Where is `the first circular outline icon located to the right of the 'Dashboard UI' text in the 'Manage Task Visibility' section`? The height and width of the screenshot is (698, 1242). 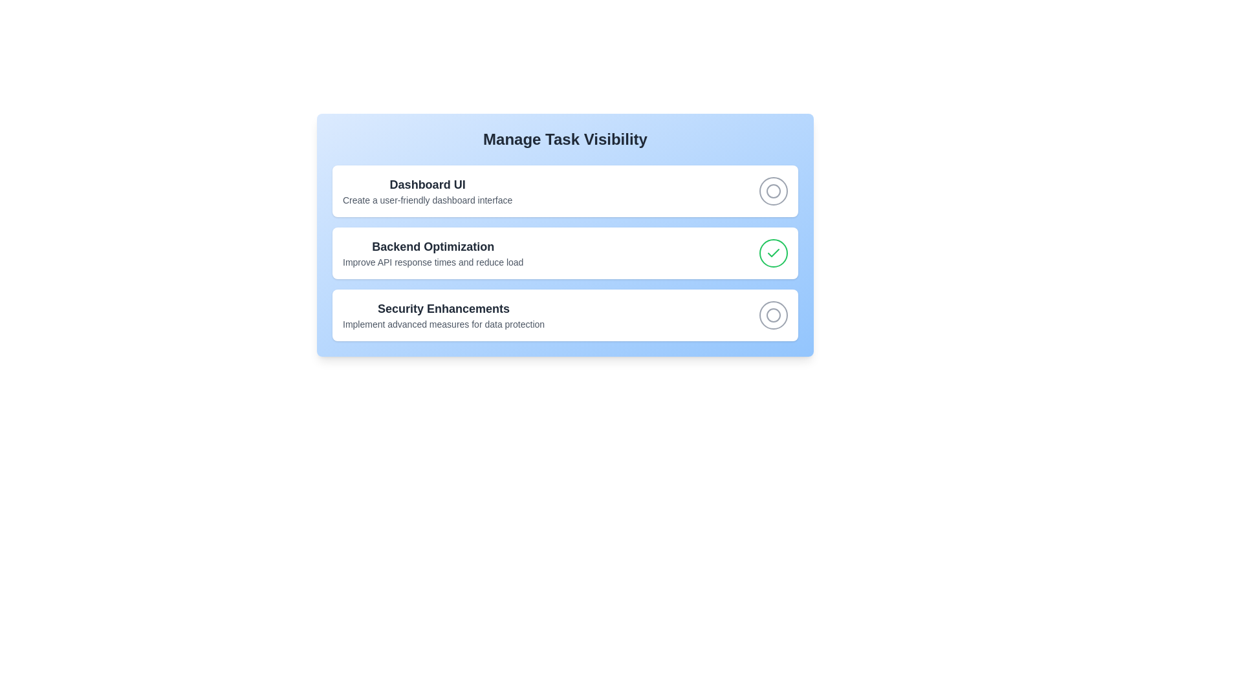 the first circular outline icon located to the right of the 'Dashboard UI' text in the 'Manage Task Visibility' section is located at coordinates (773, 191).